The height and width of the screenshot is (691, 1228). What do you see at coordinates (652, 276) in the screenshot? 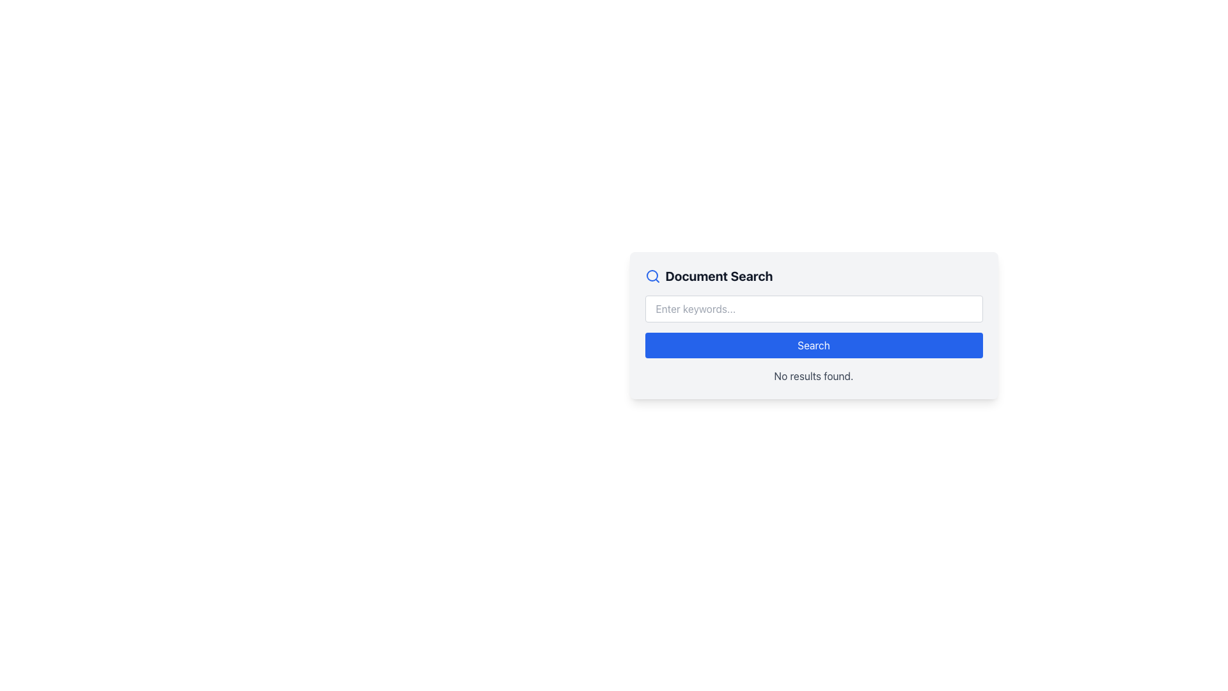
I see `the circular magnifying glass icon located to the left of the 'Document Search' text` at bounding box center [652, 276].